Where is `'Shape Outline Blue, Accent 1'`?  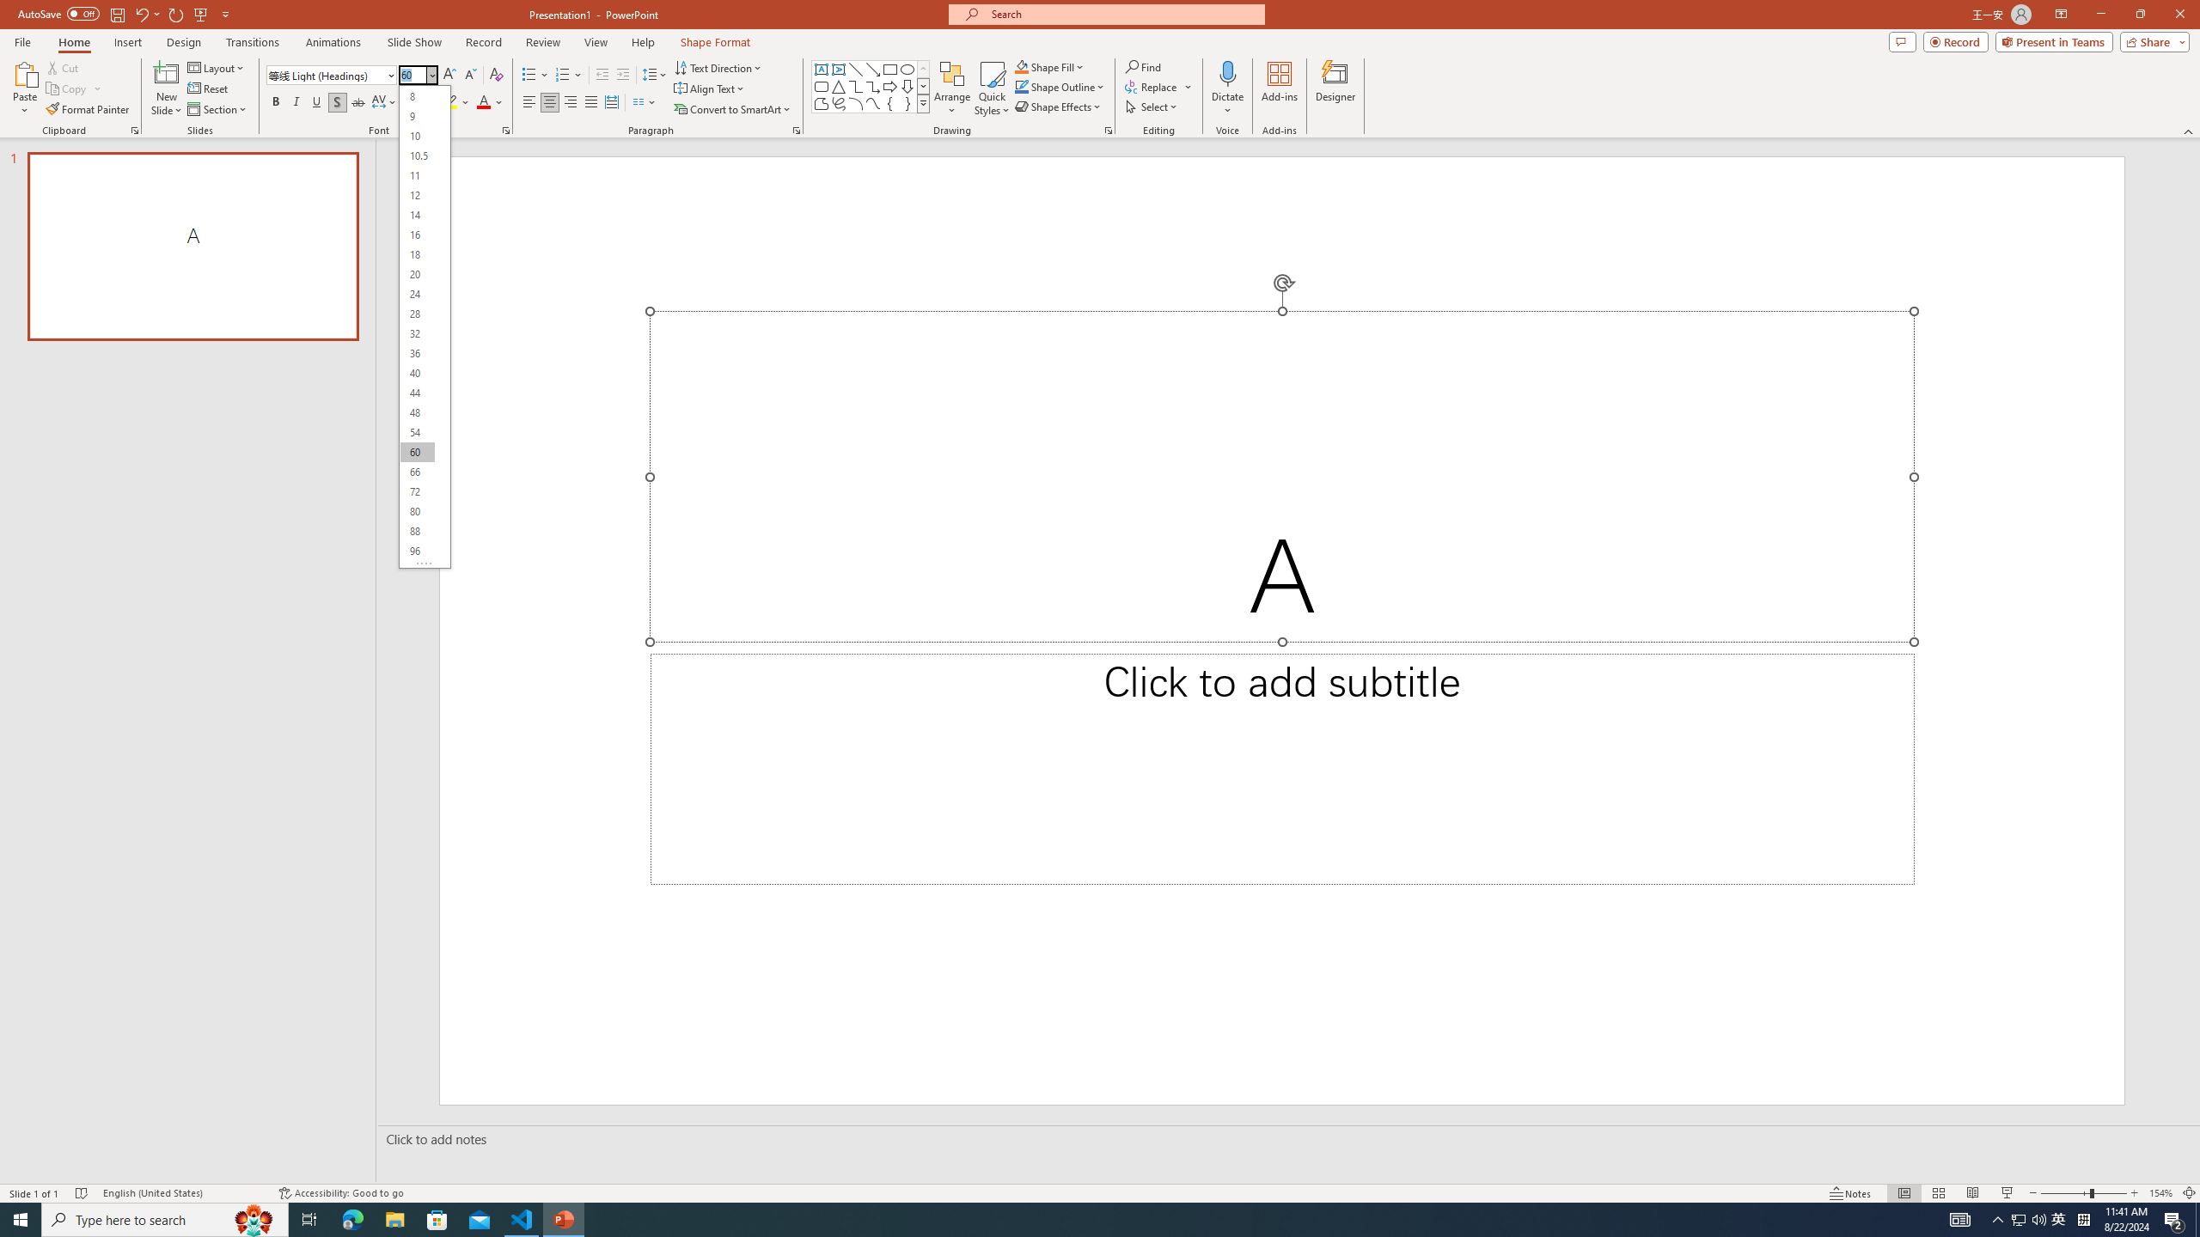 'Shape Outline Blue, Accent 1' is located at coordinates (1022, 85).